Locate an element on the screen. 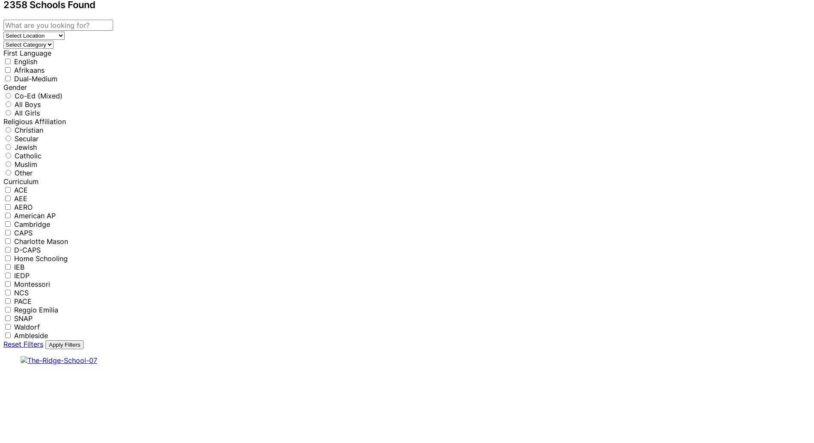 Image resolution: width=814 pixels, height=443 pixels. 'AEE' is located at coordinates (14, 198).